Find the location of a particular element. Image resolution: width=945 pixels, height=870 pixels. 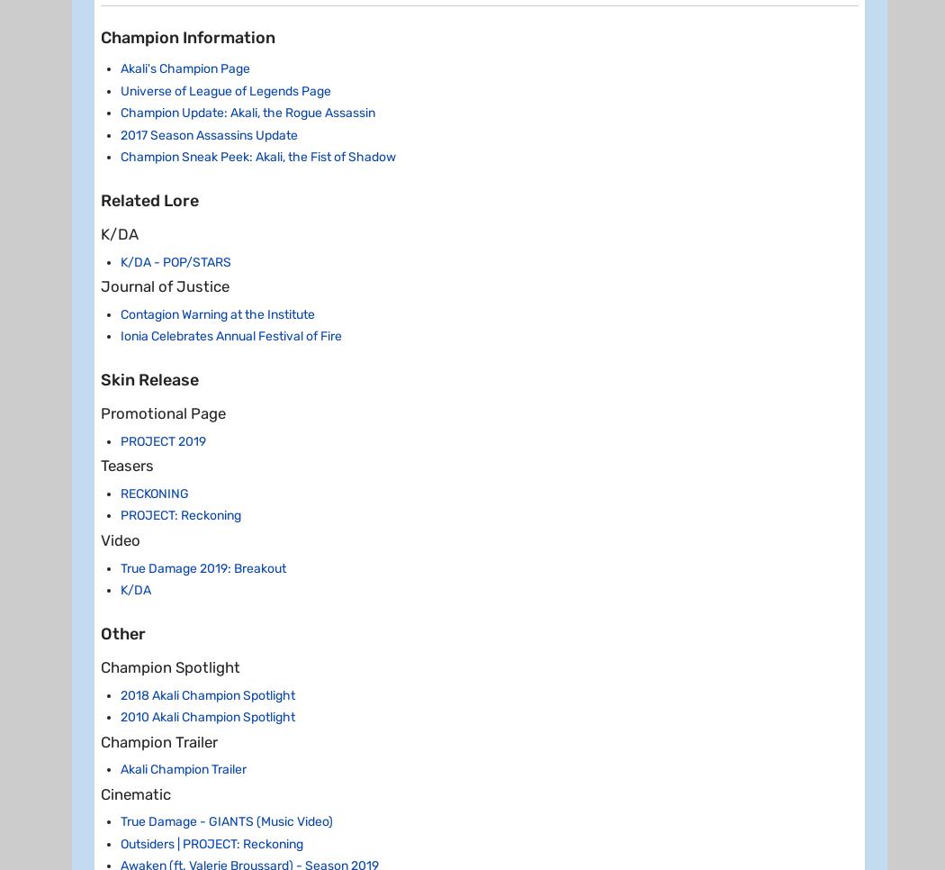

'[120/180/240]' is located at coordinates (341, 122).